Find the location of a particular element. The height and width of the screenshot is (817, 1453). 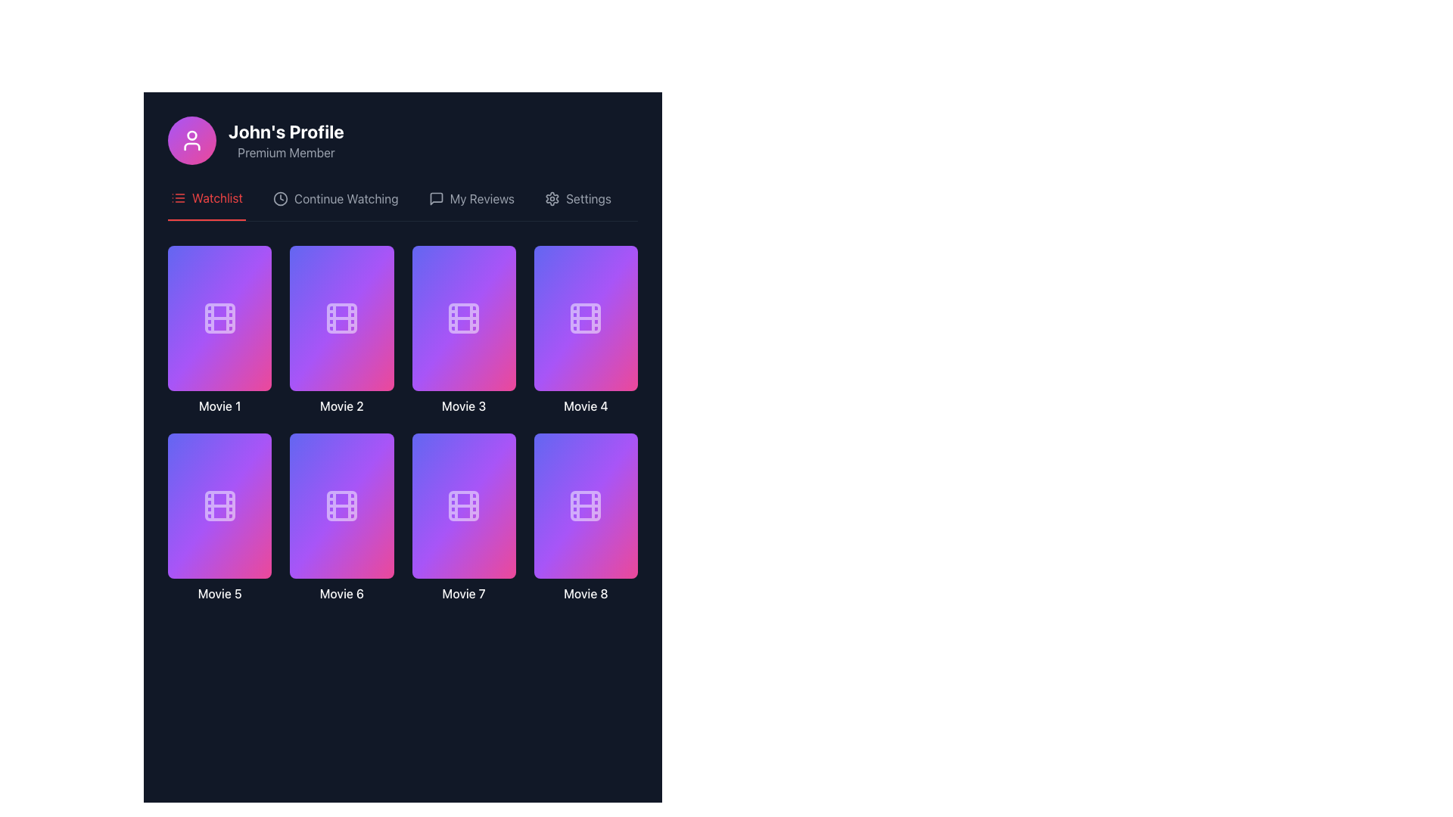

the central rectangle of the film reel icon representing 'Movie 1' located in the top-left corner of the grid view is located at coordinates (219, 317).